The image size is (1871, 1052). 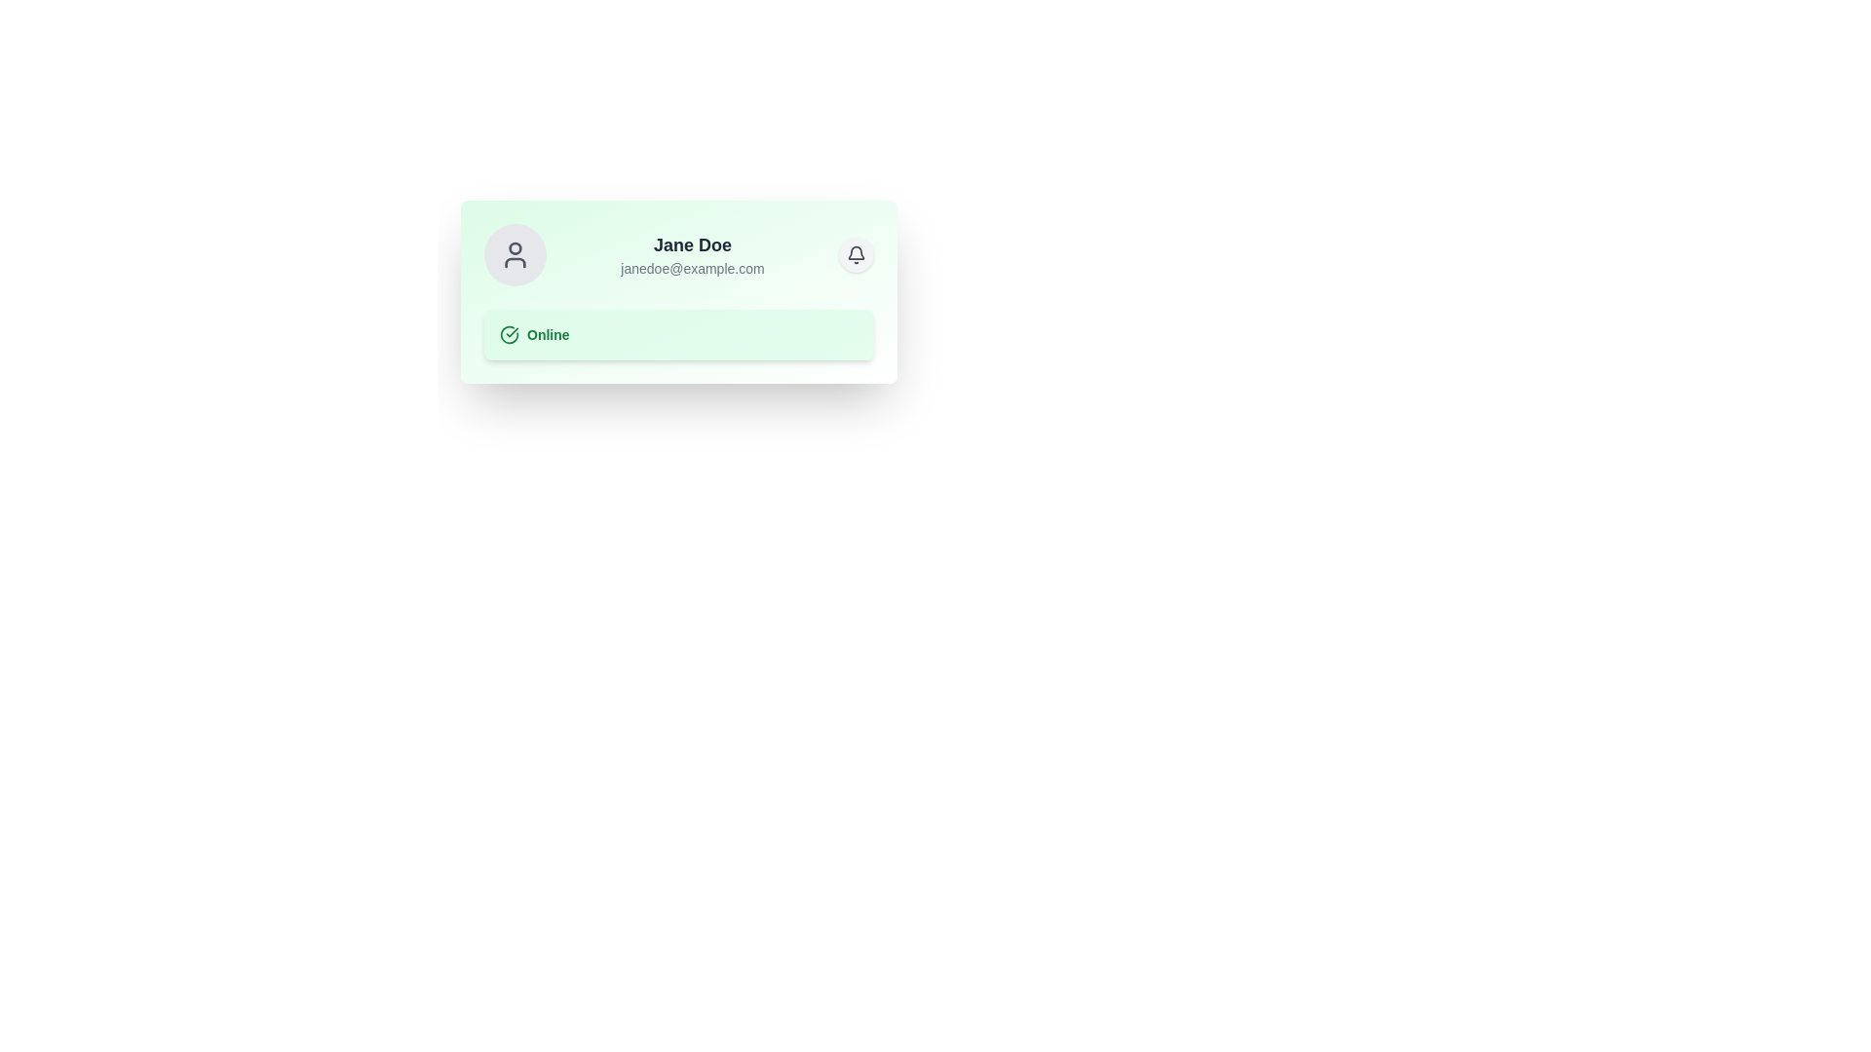 I want to click on the Circle SVG component, which serves as a decorative addition or visual cue within the user profile icon, positioned at the center of the head symbol on the left side of the user profile card, so click(x=515, y=246).